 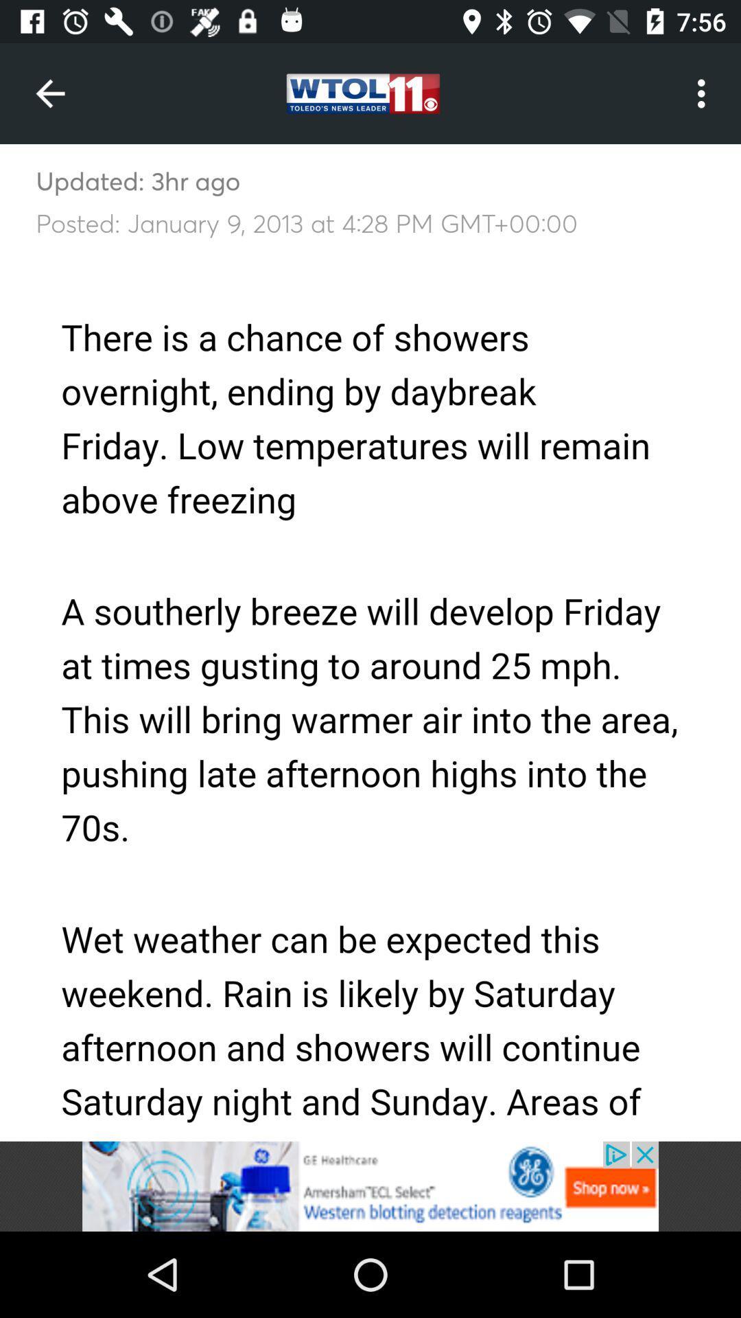 I want to click on open advertisement, so click(x=370, y=1186).